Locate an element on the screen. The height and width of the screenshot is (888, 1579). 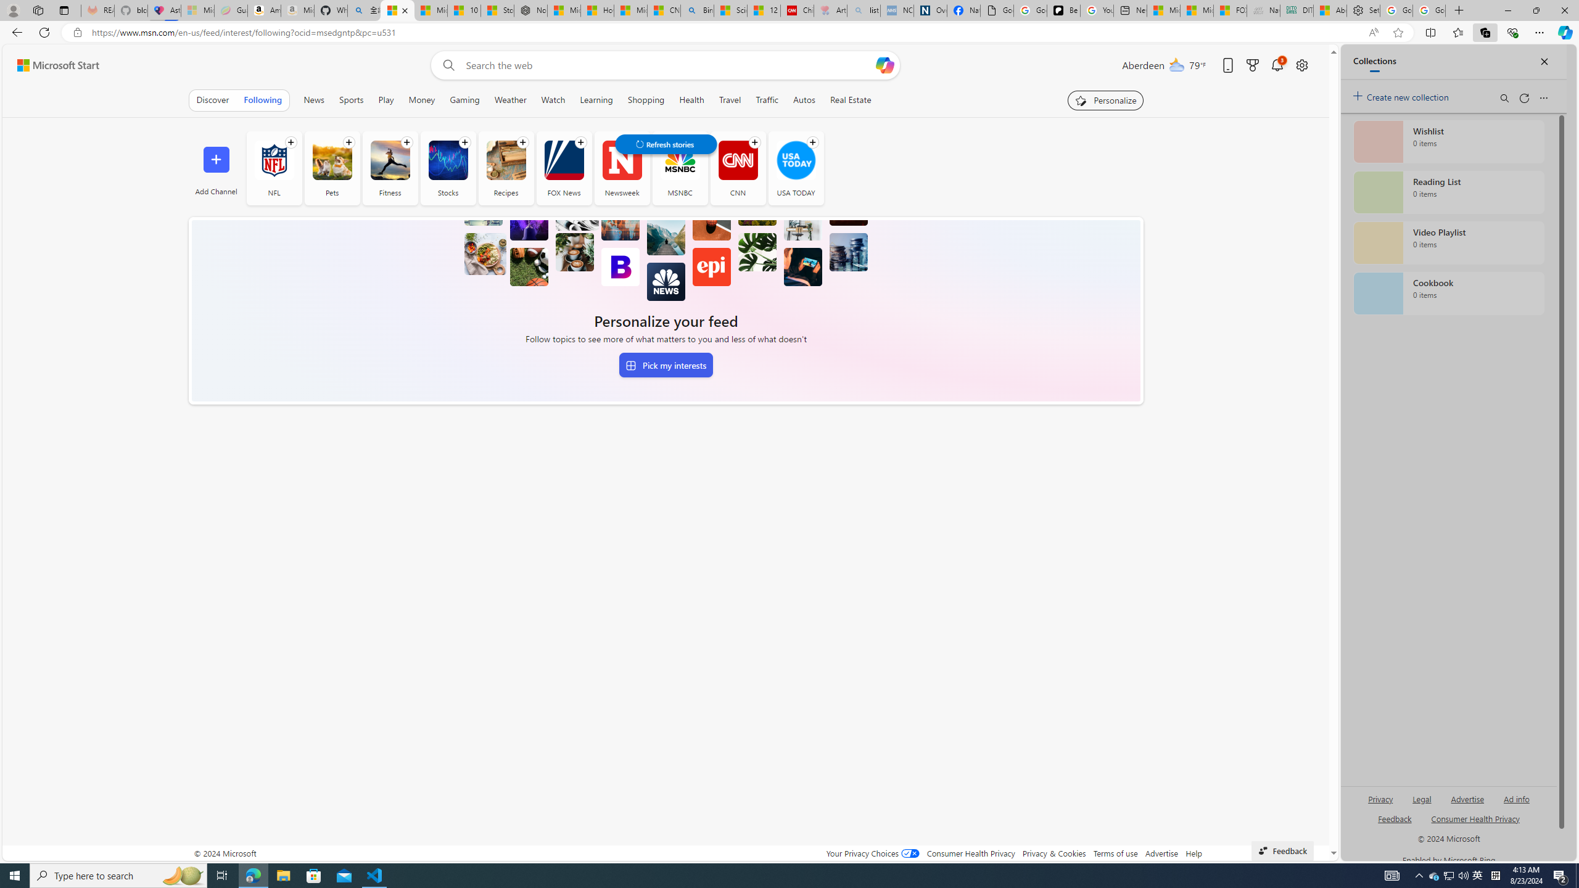
'USA TODAY' is located at coordinates (795, 159).